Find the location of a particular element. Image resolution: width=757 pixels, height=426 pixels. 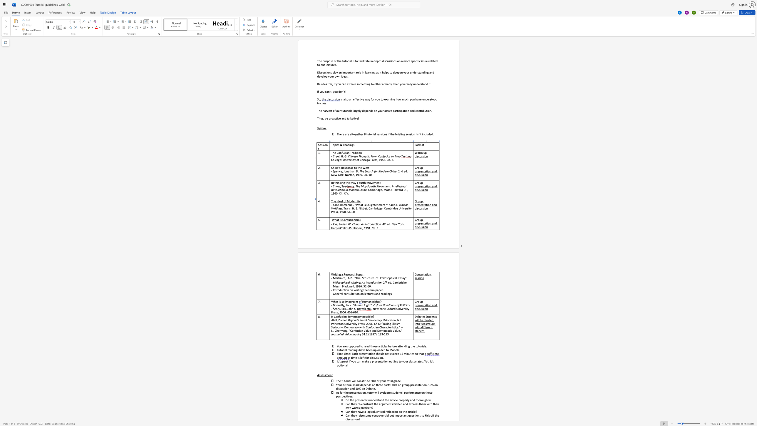

the 1th character "o" in the text is located at coordinates (344, 219).